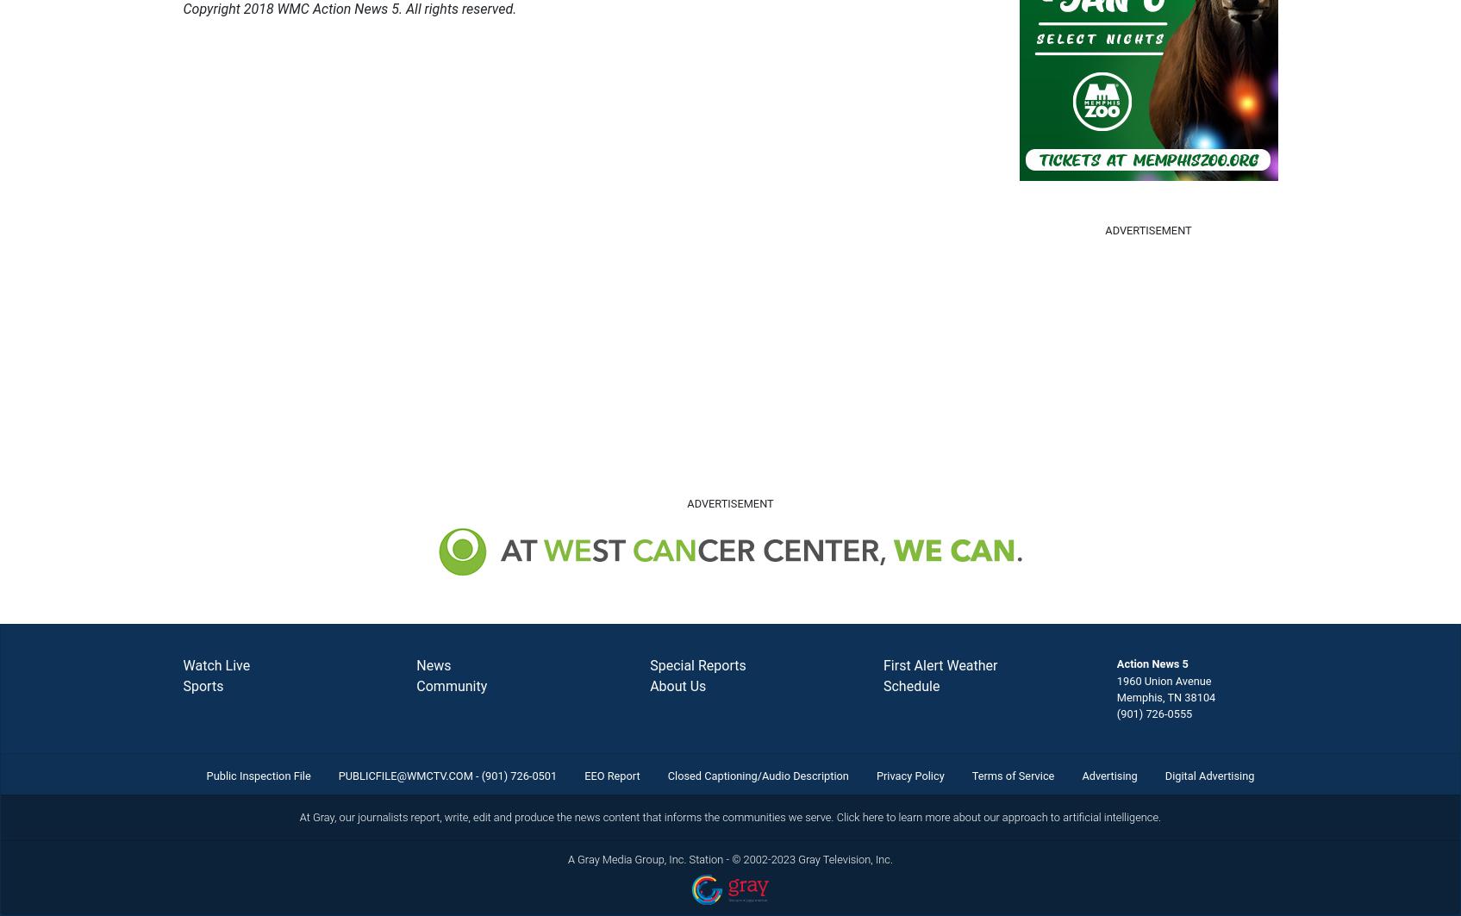 This screenshot has width=1461, height=916. Describe the element at coordinates (1012, 775) in the screenshot. I see `'Terms of Service'` at that location.